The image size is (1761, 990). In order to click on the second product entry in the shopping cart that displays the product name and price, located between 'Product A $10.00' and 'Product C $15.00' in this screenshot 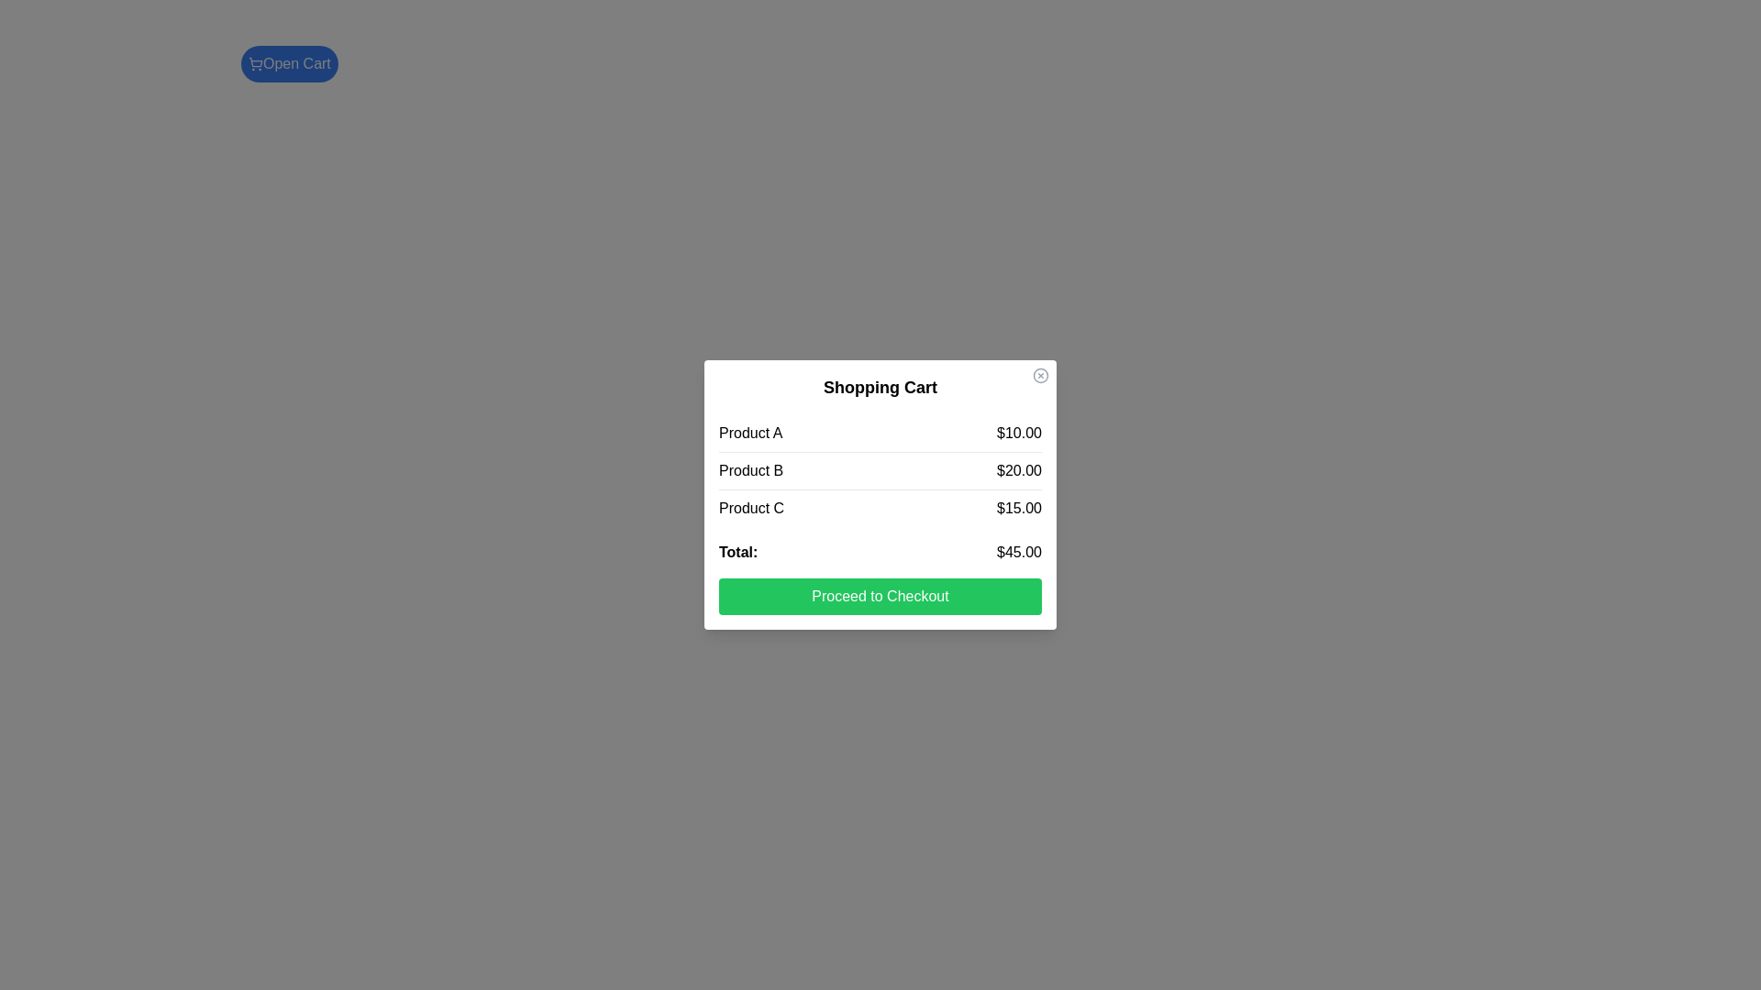, I will do `click(880, 469)`.